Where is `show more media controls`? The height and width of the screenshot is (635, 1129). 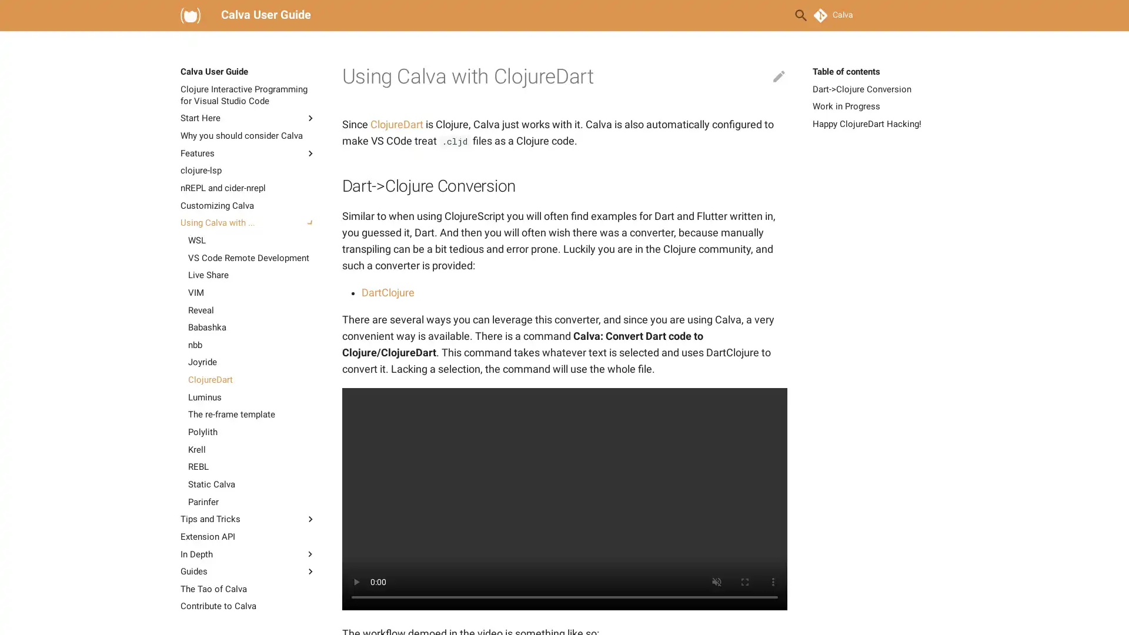
show more media controls is located at coordinates (773, 582).